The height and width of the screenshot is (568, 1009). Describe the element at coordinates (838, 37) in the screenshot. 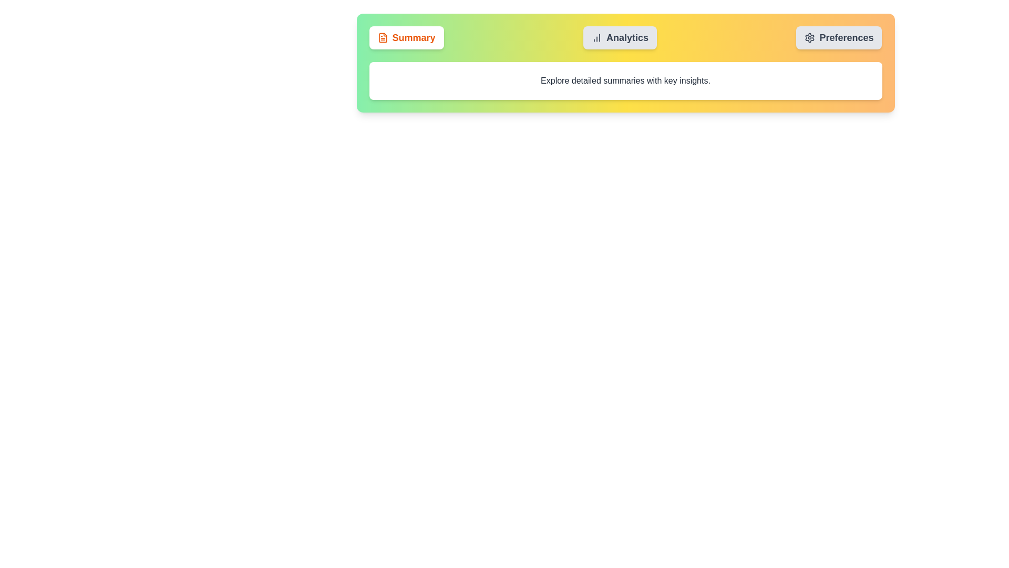

I see `the Preferences button, which is the third button in a horizontal row of three buttons, to view the context menu if available` at that location.